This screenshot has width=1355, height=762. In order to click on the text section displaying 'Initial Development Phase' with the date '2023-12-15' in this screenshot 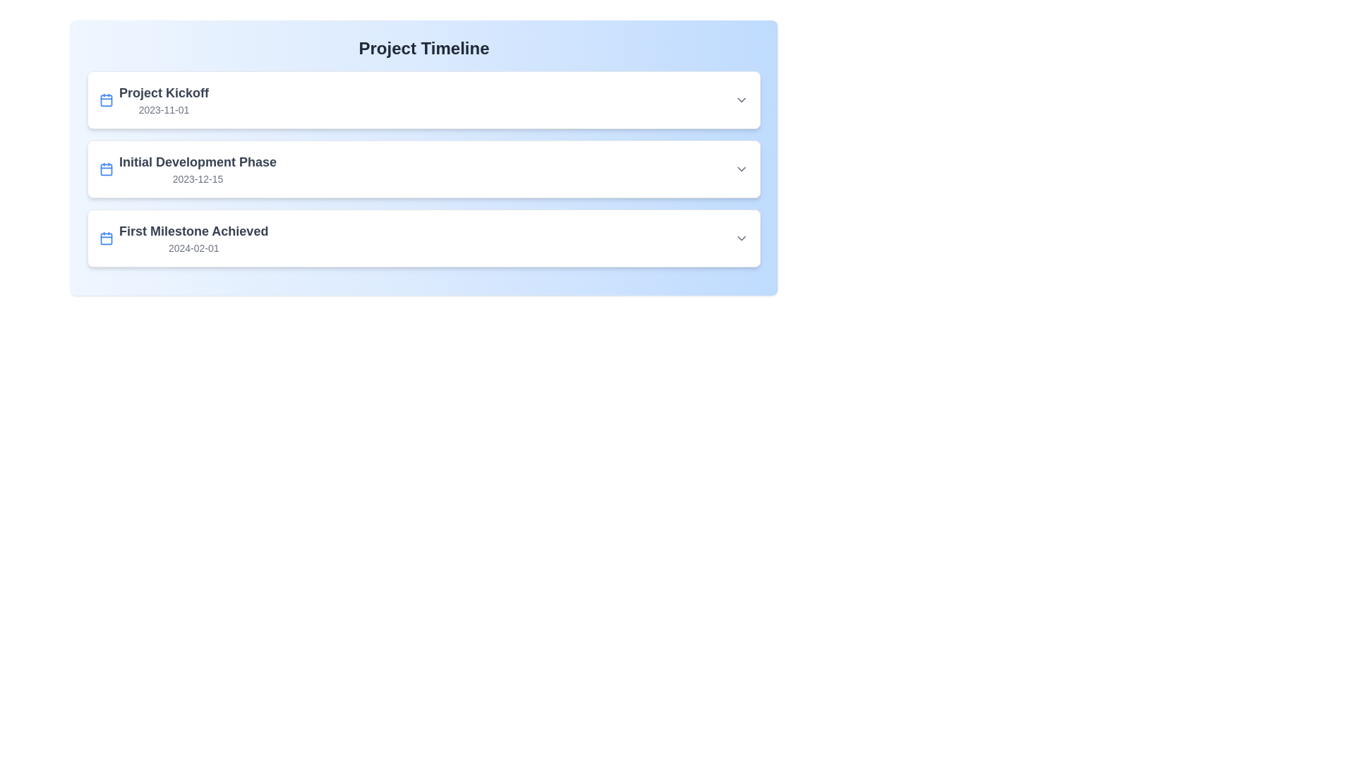, I will do `click(187, 168)`.